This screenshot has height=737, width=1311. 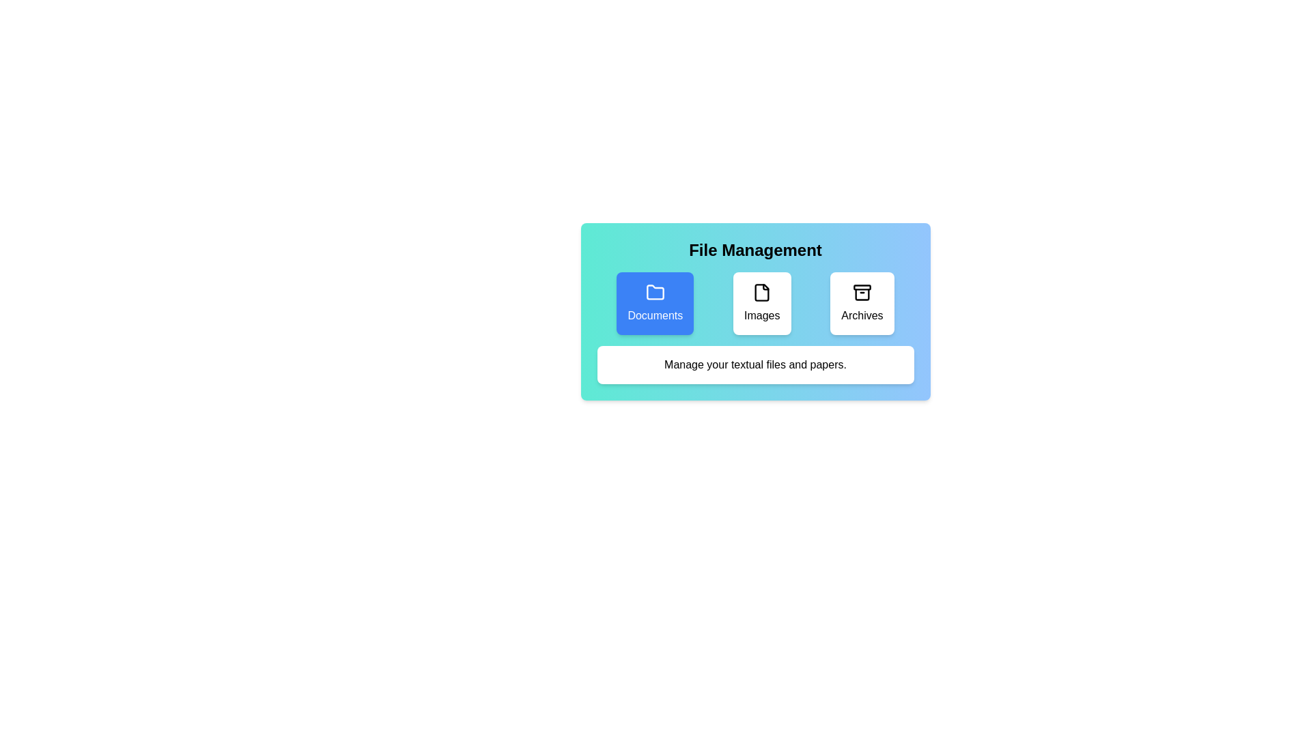 What do you see at coordinates (861, 302) in the screenshot?
I see `the category button Archives to observe the hover effect` at bounding box center [861, 302].